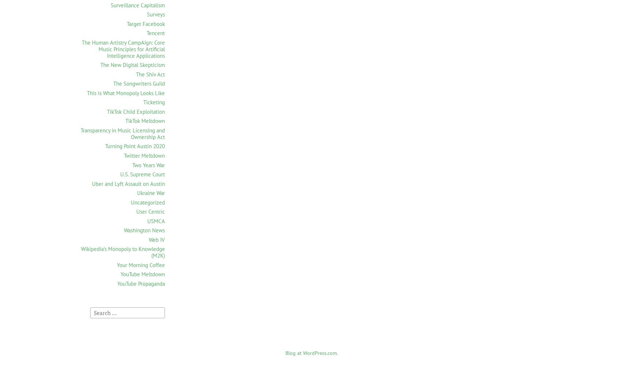 The image size is (623, 371). What do you see at coordinates (151, 192) in the screenshot?
I see `'Ukraine War'` at bounding box center [151, 192].